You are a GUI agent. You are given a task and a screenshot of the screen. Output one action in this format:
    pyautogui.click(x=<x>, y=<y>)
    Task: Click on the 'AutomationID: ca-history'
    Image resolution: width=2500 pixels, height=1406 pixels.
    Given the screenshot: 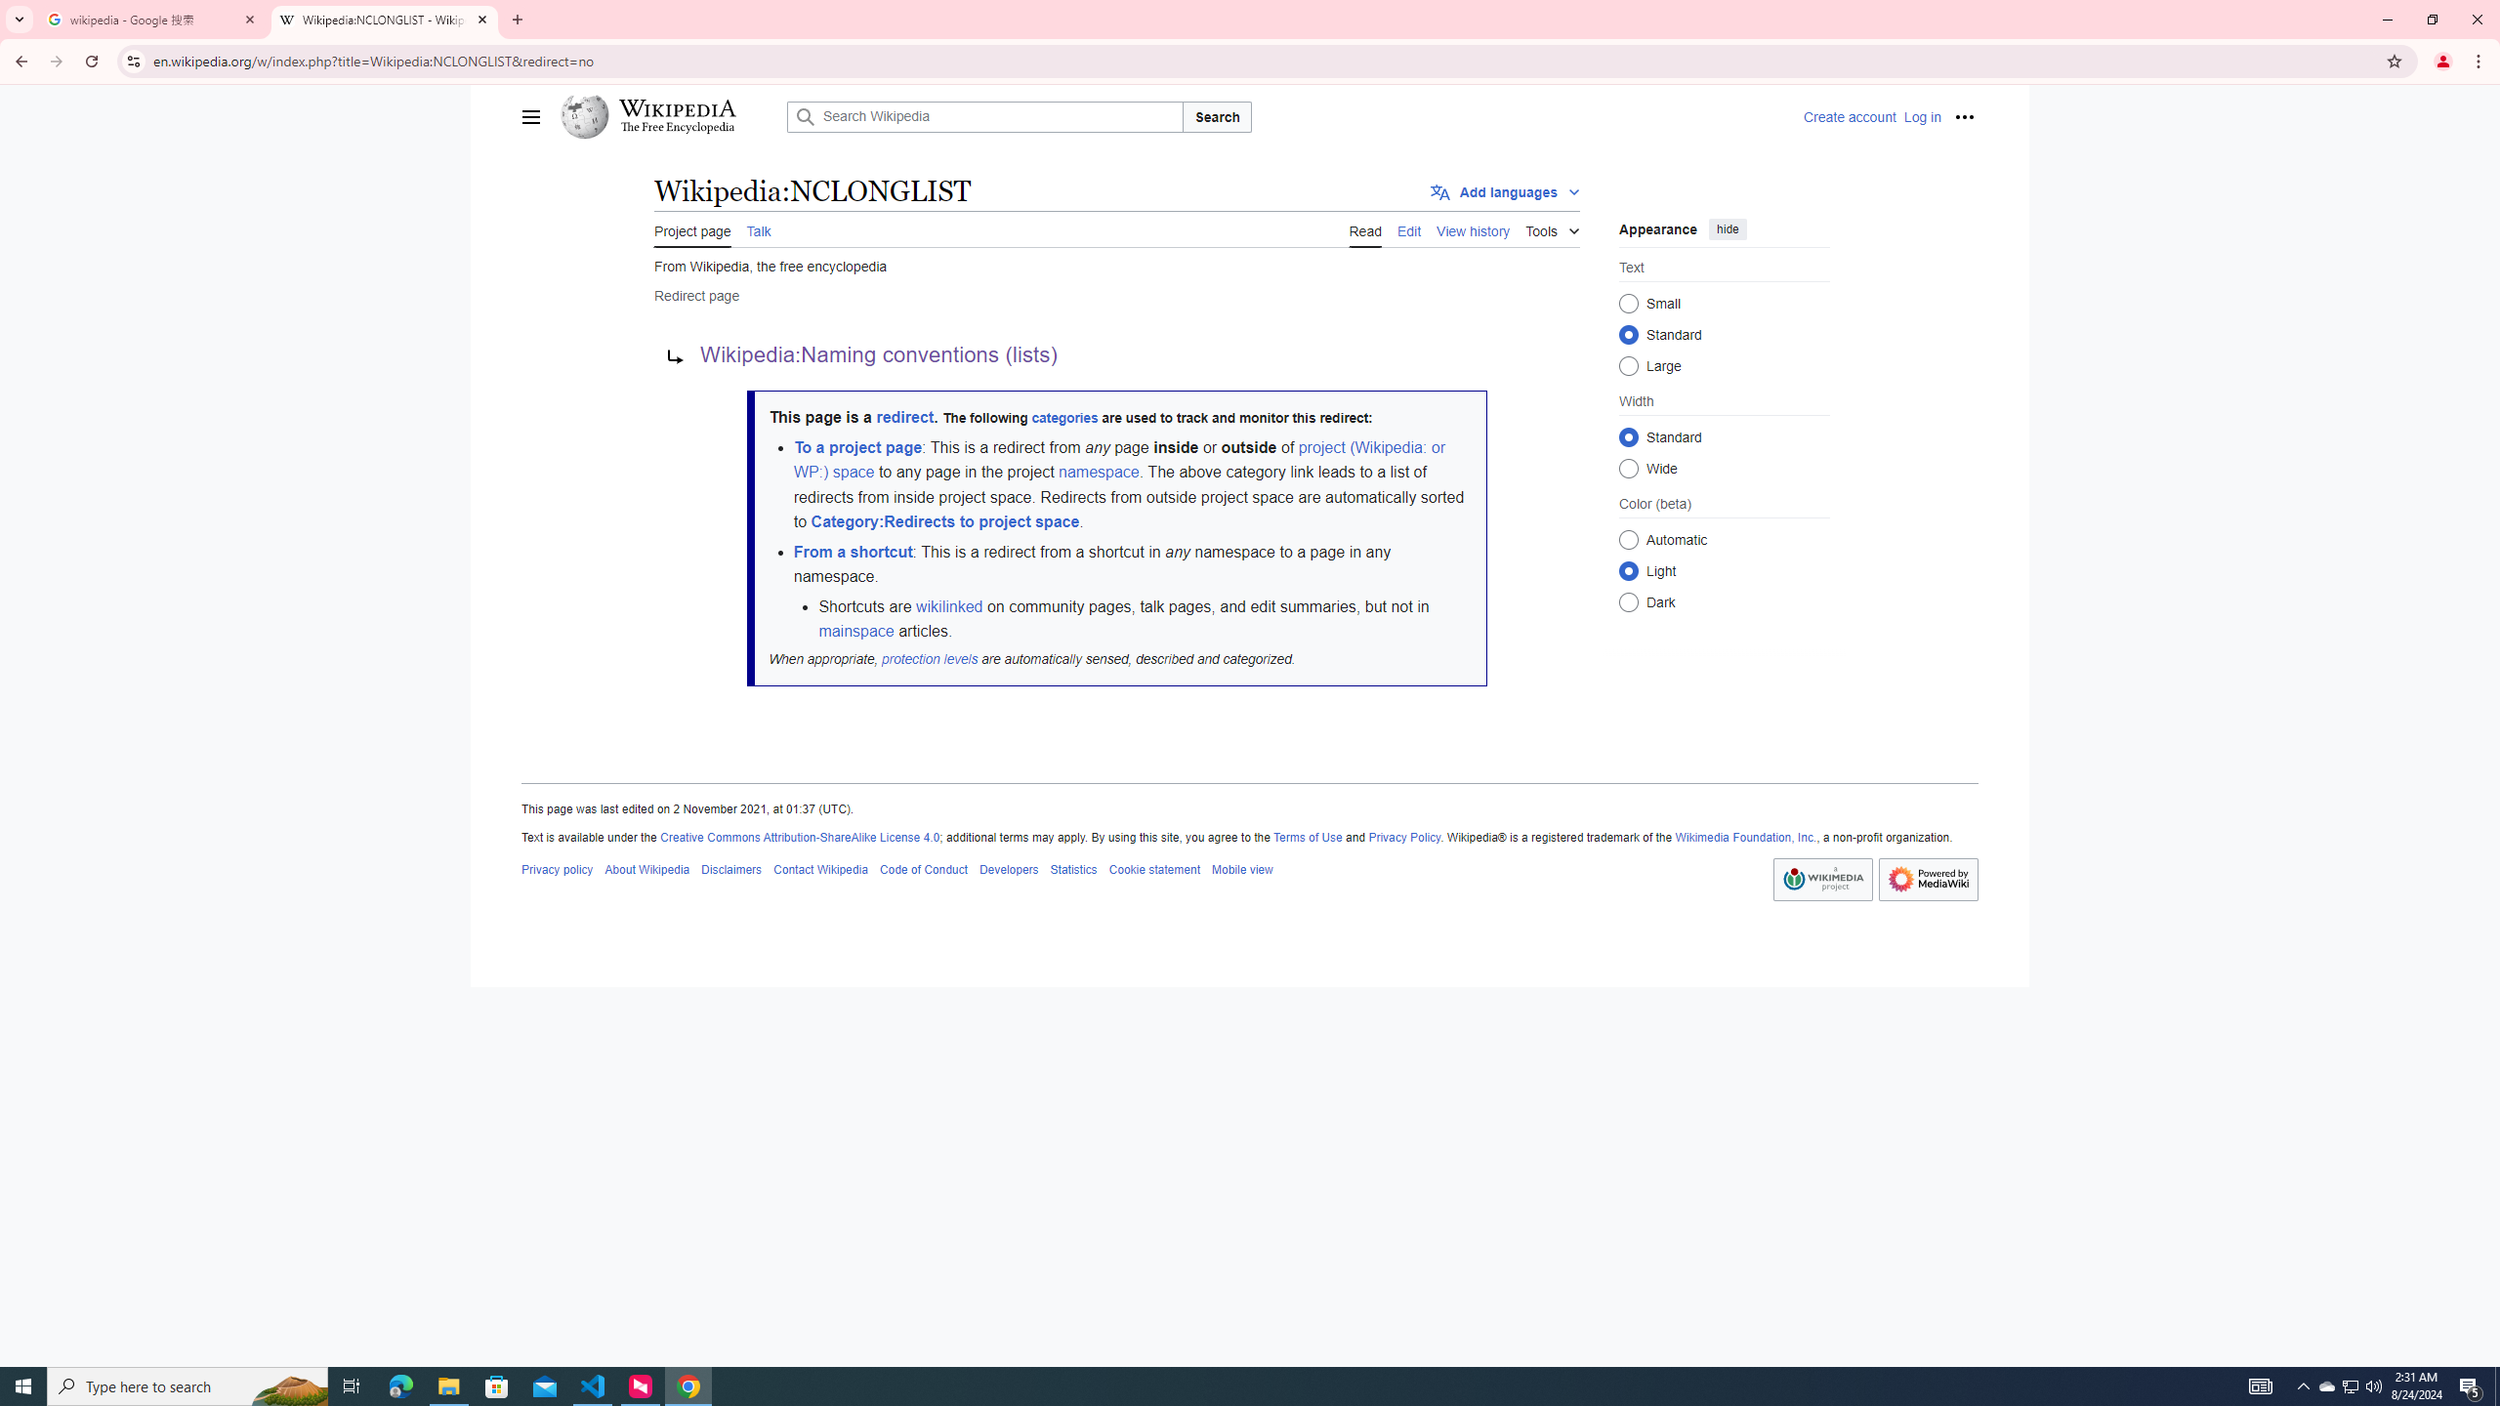 What is the action you would take?
    pyautogui.click(x=1473, y=227)
    